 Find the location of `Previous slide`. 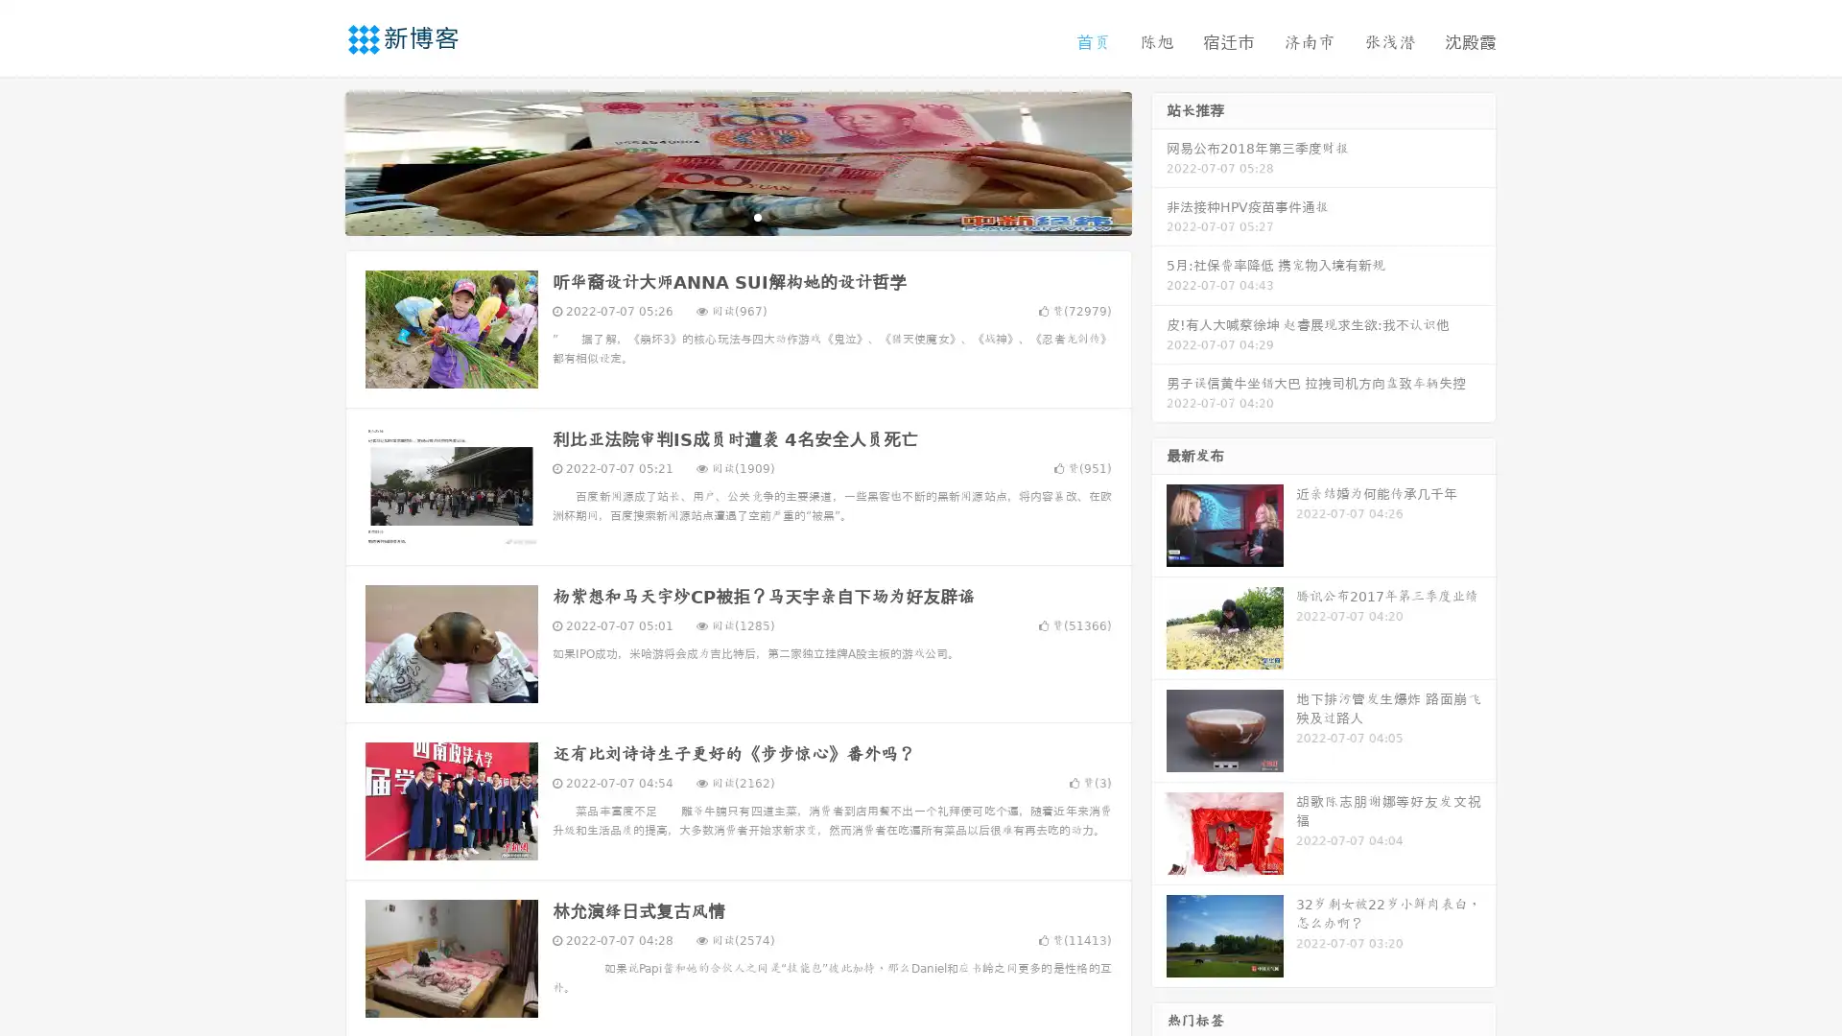

Previous slide is located at coordinates (317, 161).